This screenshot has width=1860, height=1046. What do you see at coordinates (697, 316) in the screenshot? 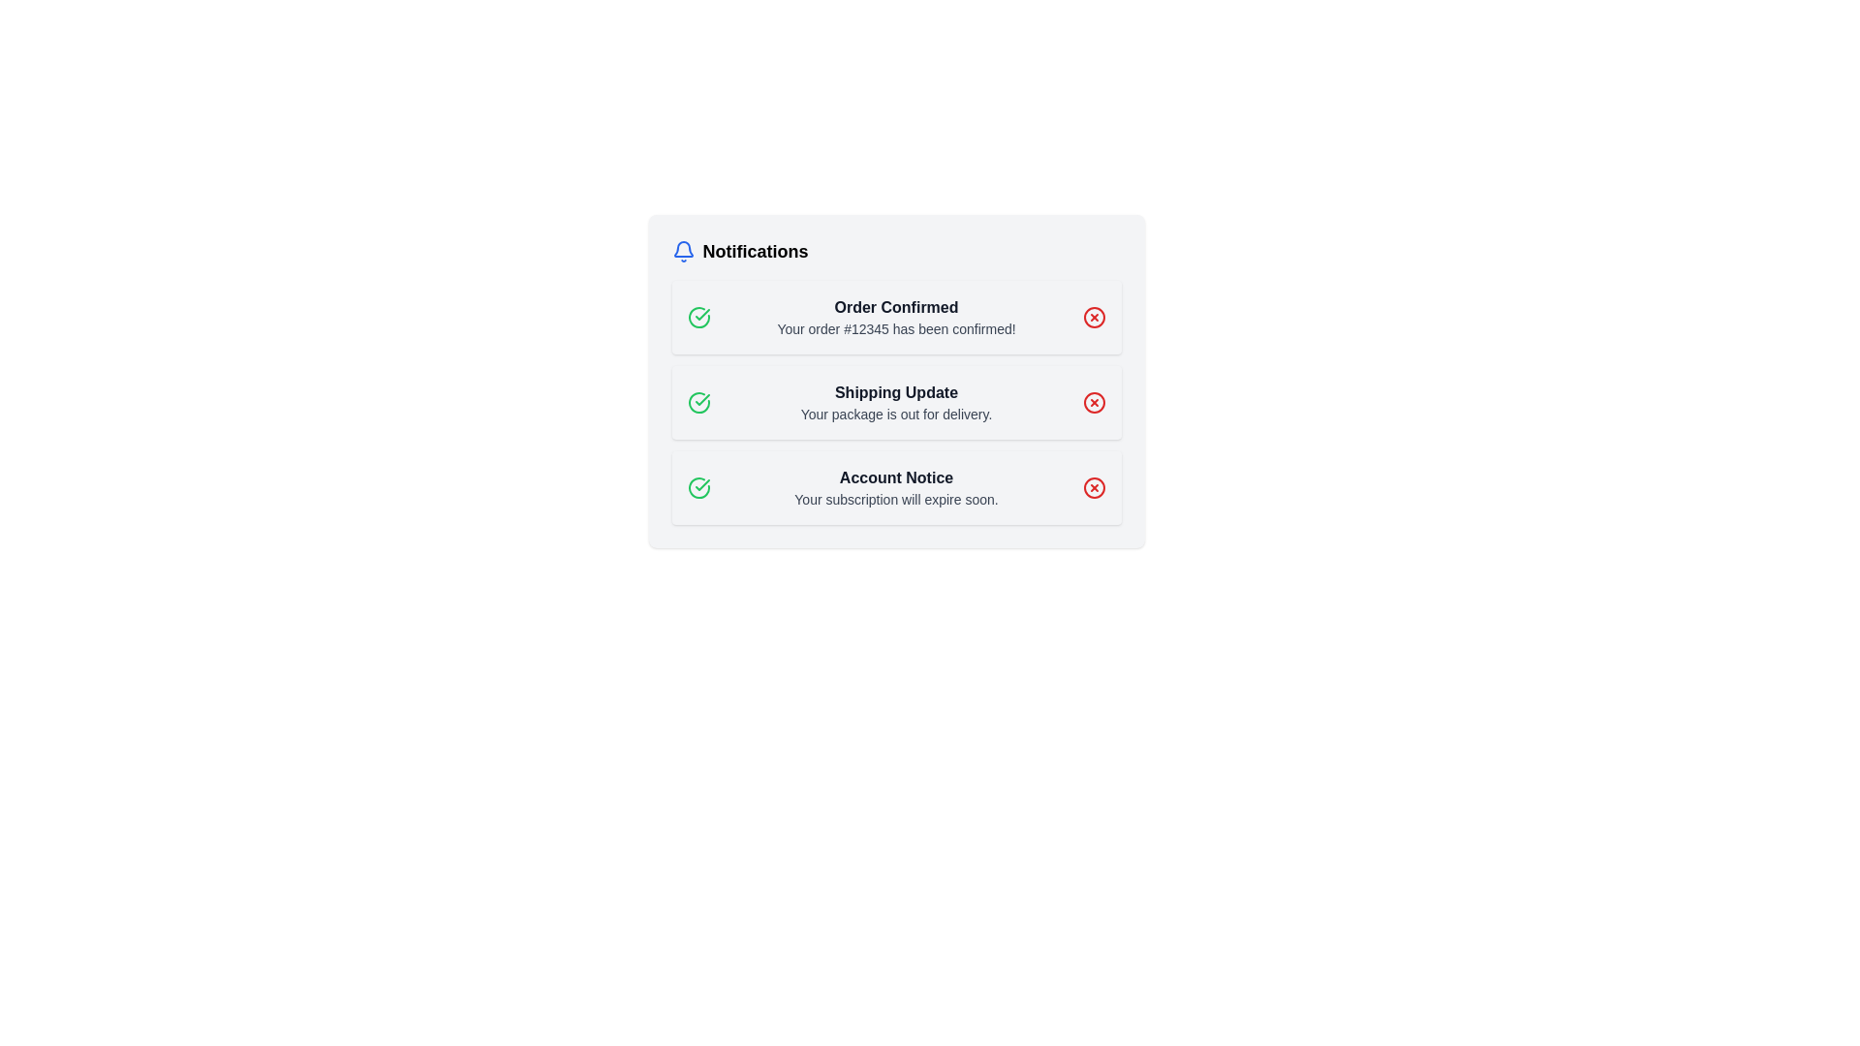
I see `the success icon indicating 'Order Confirmed' located to the left of the confirmation text in the notification box` at bounding box center [697, 316].